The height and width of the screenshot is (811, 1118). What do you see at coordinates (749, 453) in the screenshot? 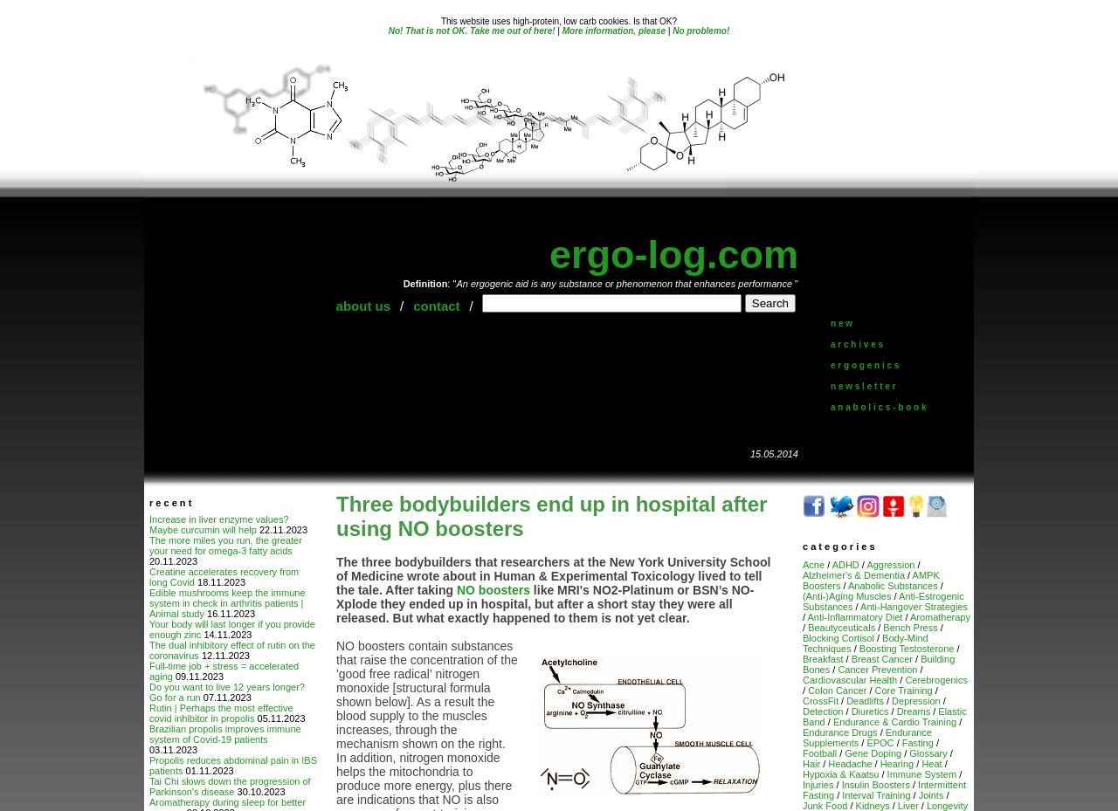
I see `'15.05.2014'` at bounding box center [749, 453].